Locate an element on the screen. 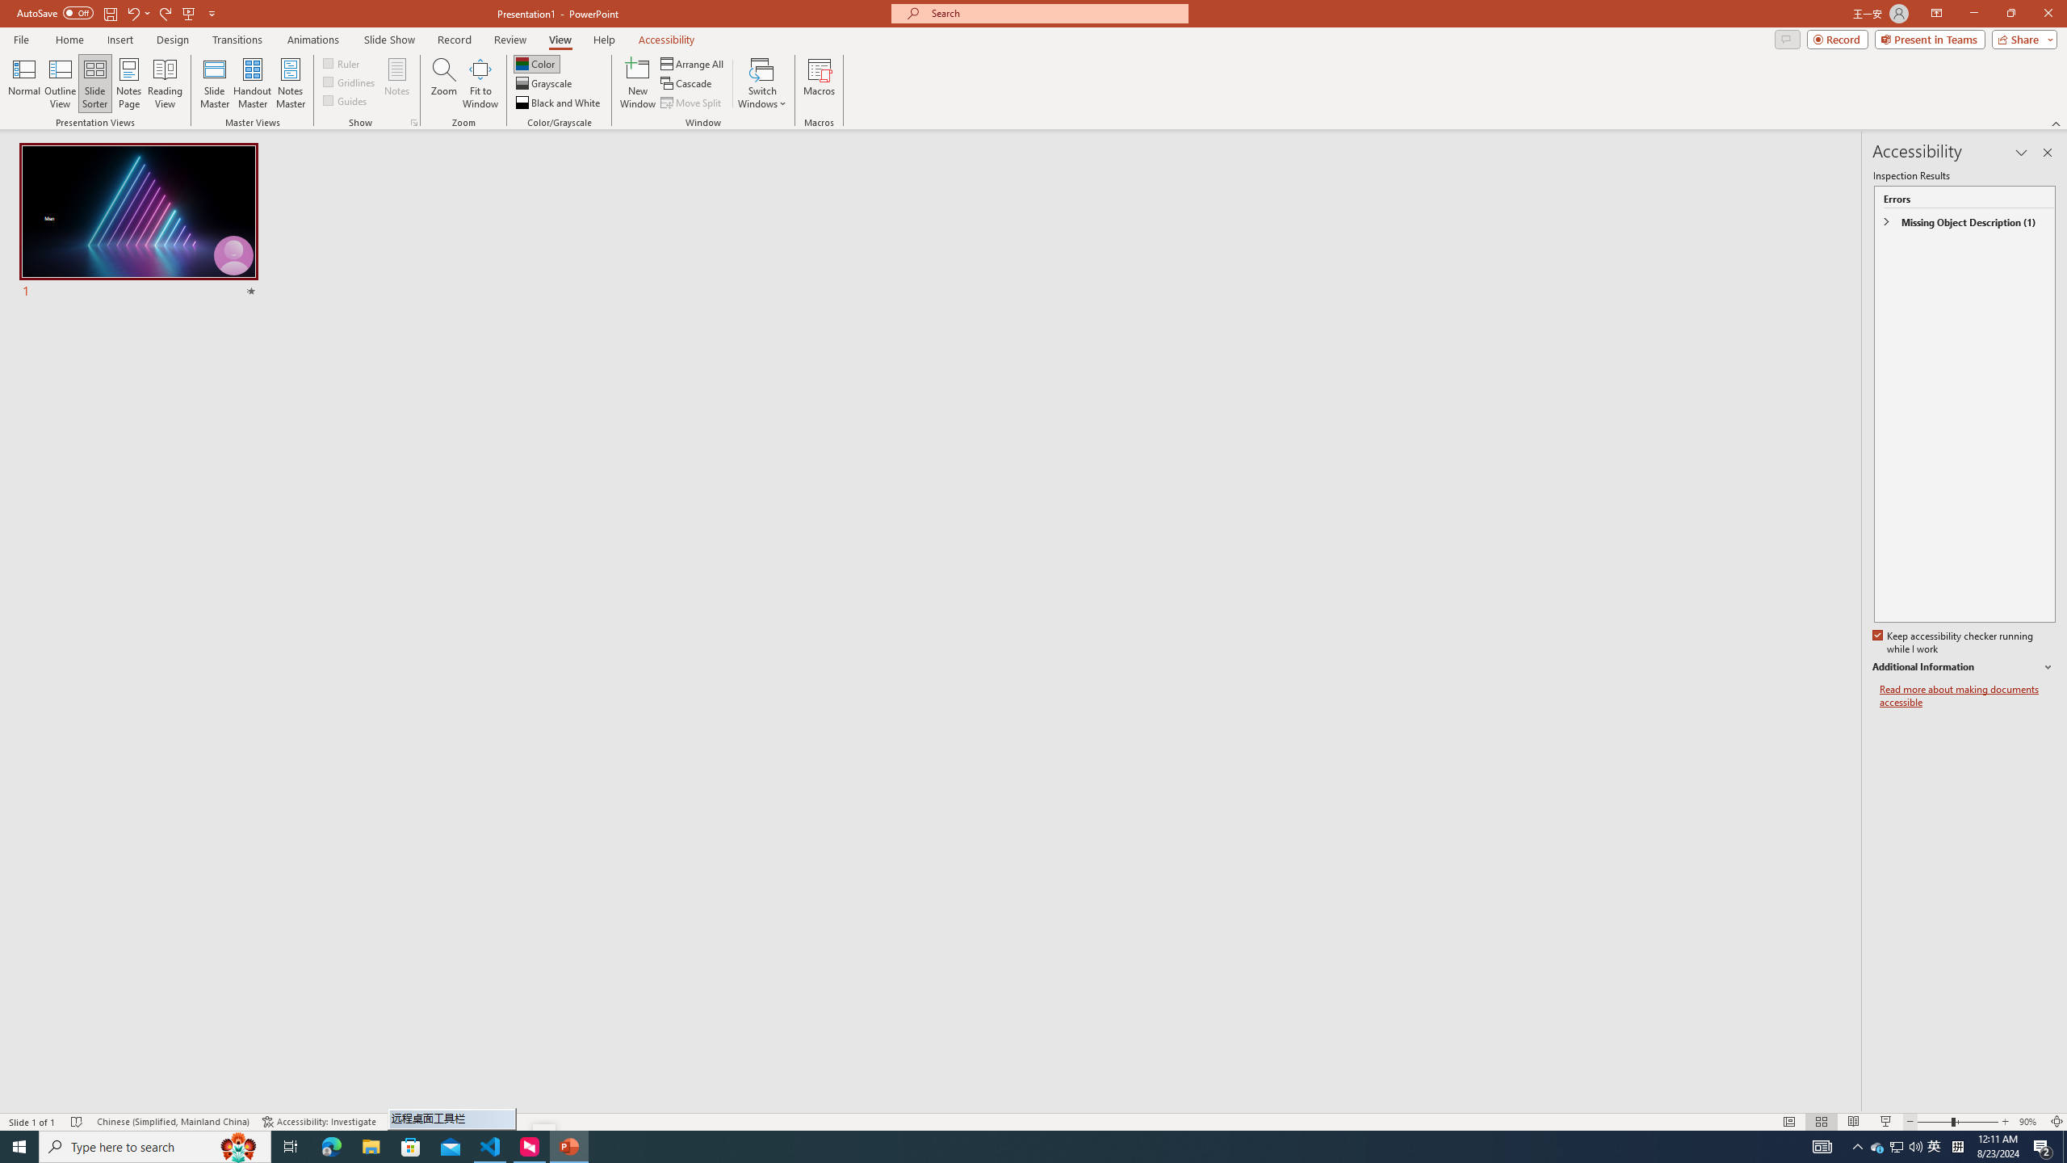  'Ruler' is located at coordinates (342, 62).